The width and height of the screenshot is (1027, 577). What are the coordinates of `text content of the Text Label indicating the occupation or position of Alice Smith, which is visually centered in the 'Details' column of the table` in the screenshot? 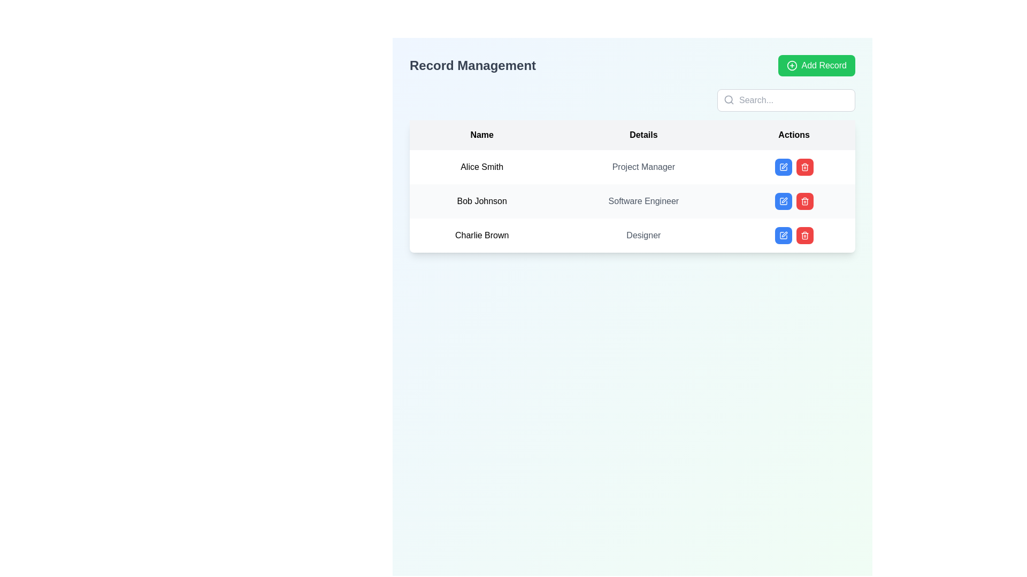 It's located at (643, 167).